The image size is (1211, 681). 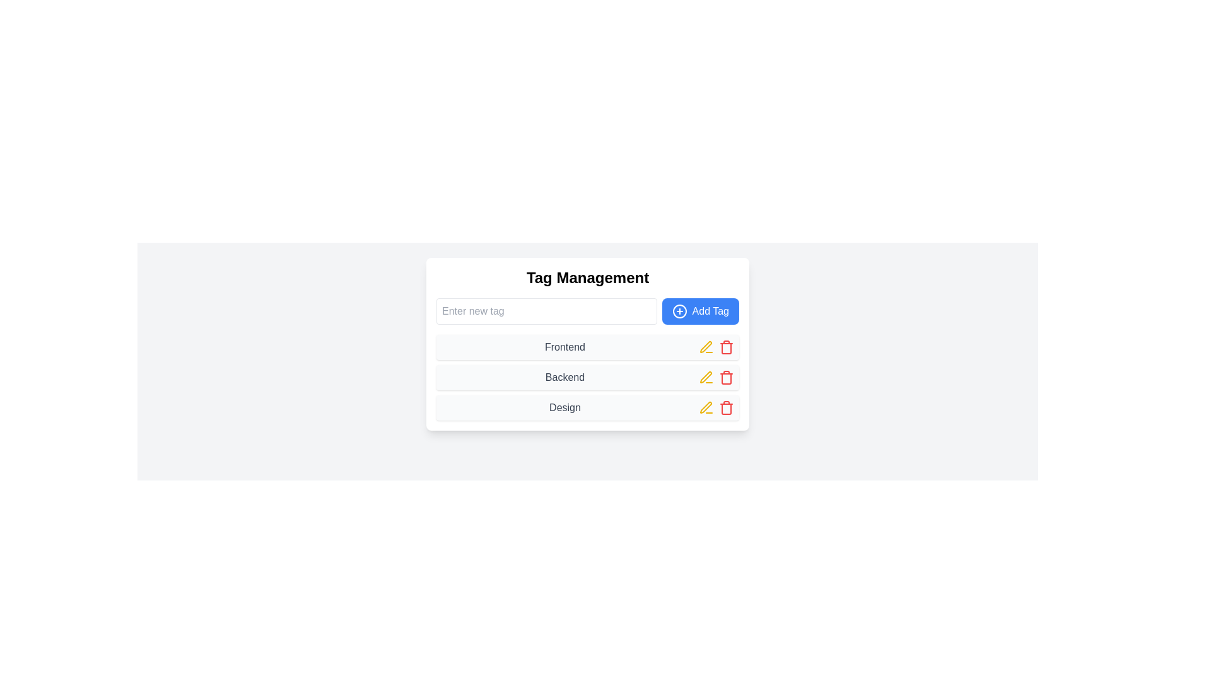 What do you see at coordinates (727, 378) in the screenshot?
I see `the second trash icon in the 'Tag Management' table, which visually represents part of the trash bin icon indicating a delete action` at bounding box center [727, 378].